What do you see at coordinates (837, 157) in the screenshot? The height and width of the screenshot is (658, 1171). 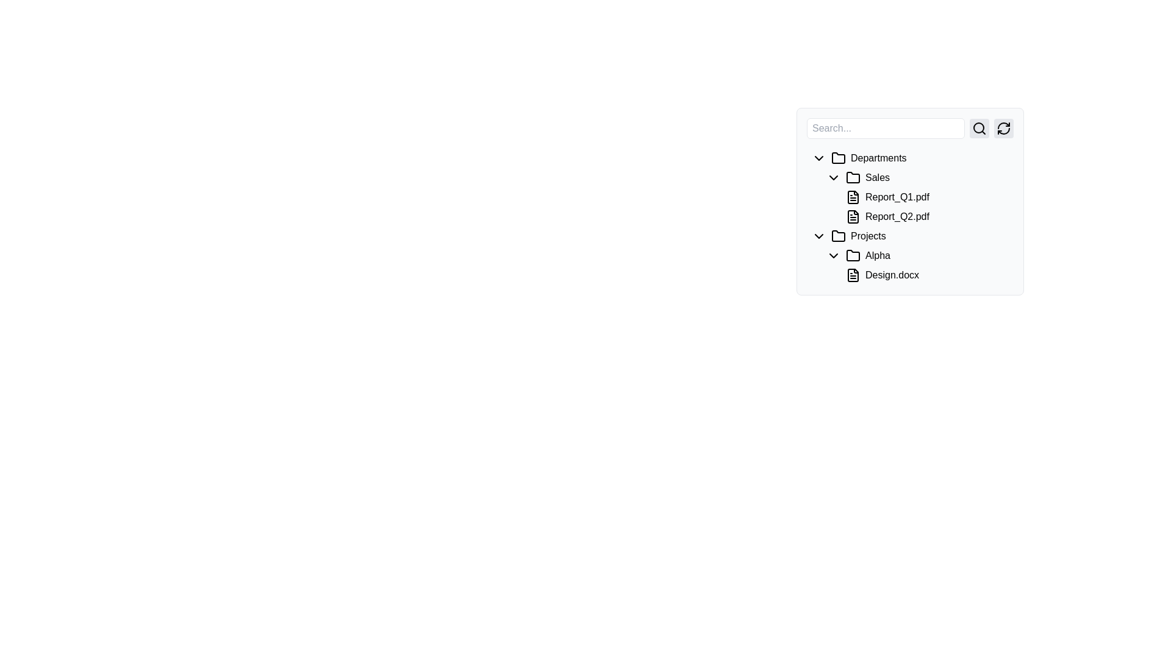 I see `the folder icon located in the navigation tree under the 'Departments' section, which has a black outline on a white background` at bounding box center [837, 157].